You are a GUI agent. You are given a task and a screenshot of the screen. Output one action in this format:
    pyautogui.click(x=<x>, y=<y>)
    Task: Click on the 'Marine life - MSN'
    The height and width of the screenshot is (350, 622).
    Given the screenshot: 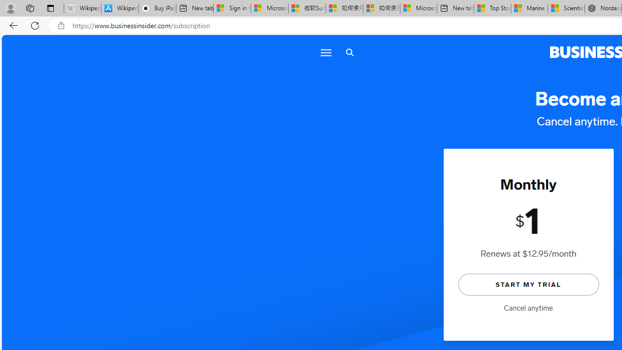 What is the action you would take?
    pyautogui.click(x=529, y=8)
    